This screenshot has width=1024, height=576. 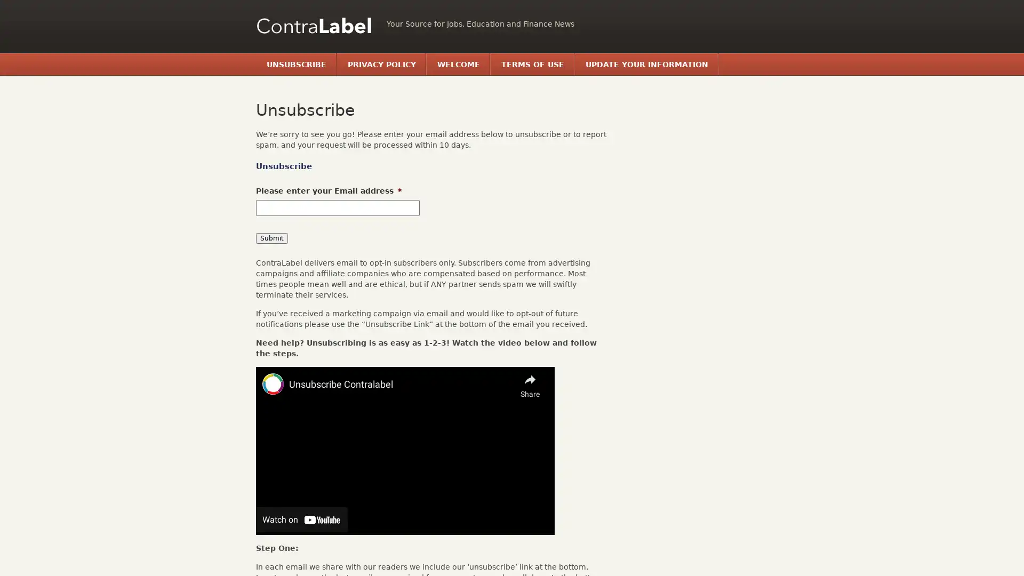 I want to click on Submit, so click(x=271, y=238).